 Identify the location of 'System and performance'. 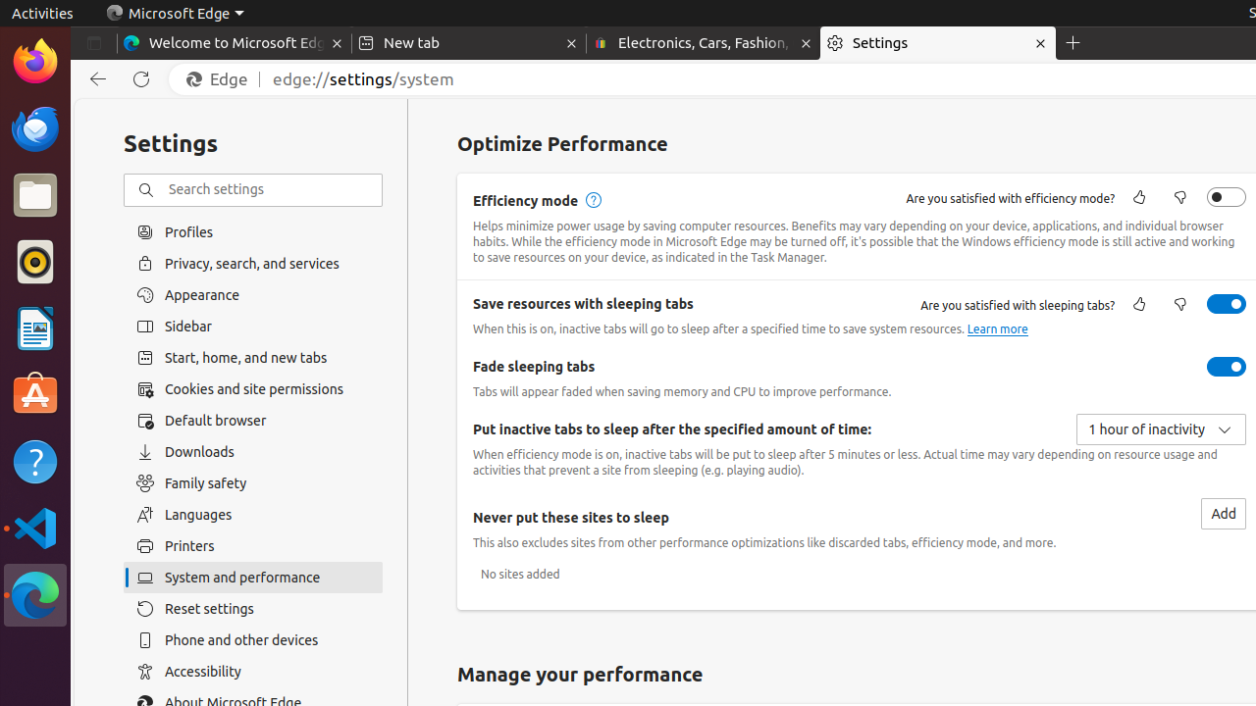
(252, 577).